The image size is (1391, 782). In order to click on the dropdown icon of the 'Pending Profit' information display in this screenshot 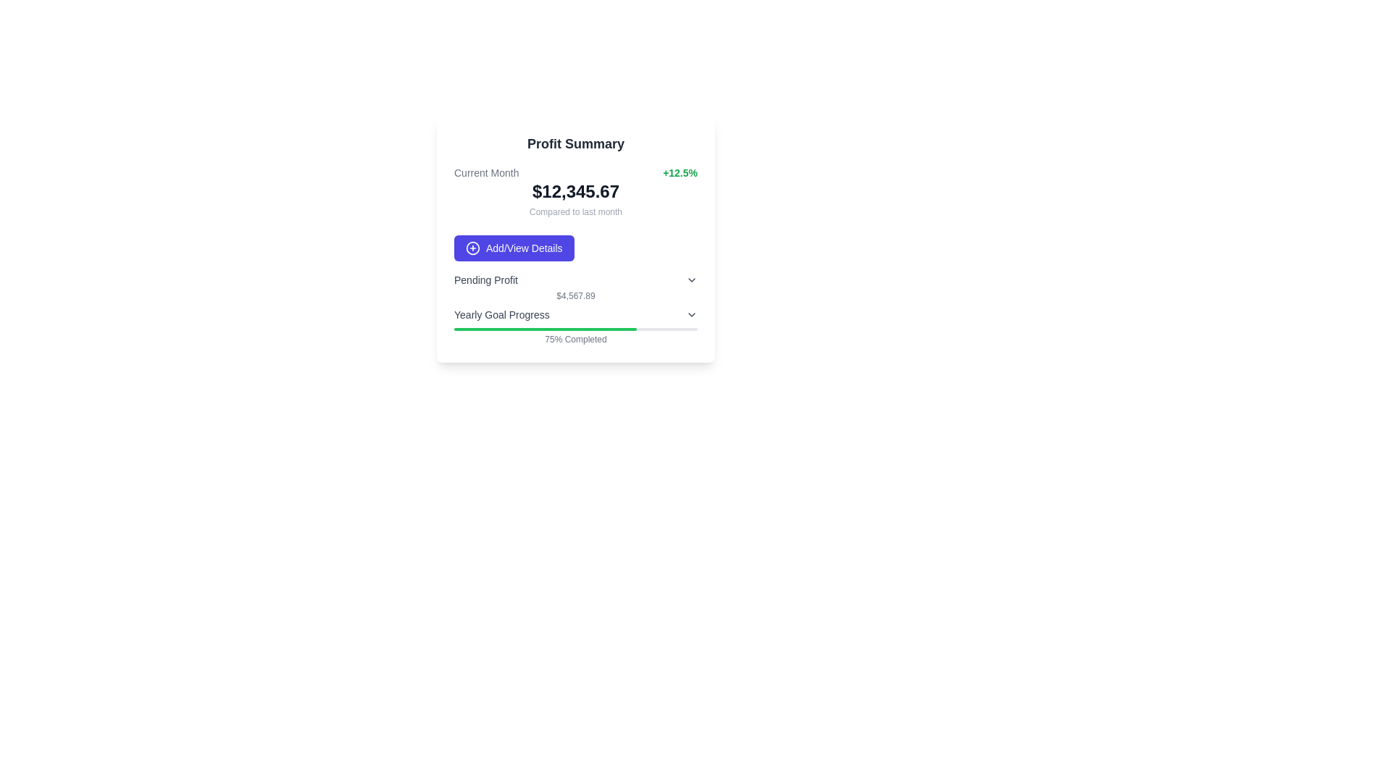, I will do `click(575, 287)`.